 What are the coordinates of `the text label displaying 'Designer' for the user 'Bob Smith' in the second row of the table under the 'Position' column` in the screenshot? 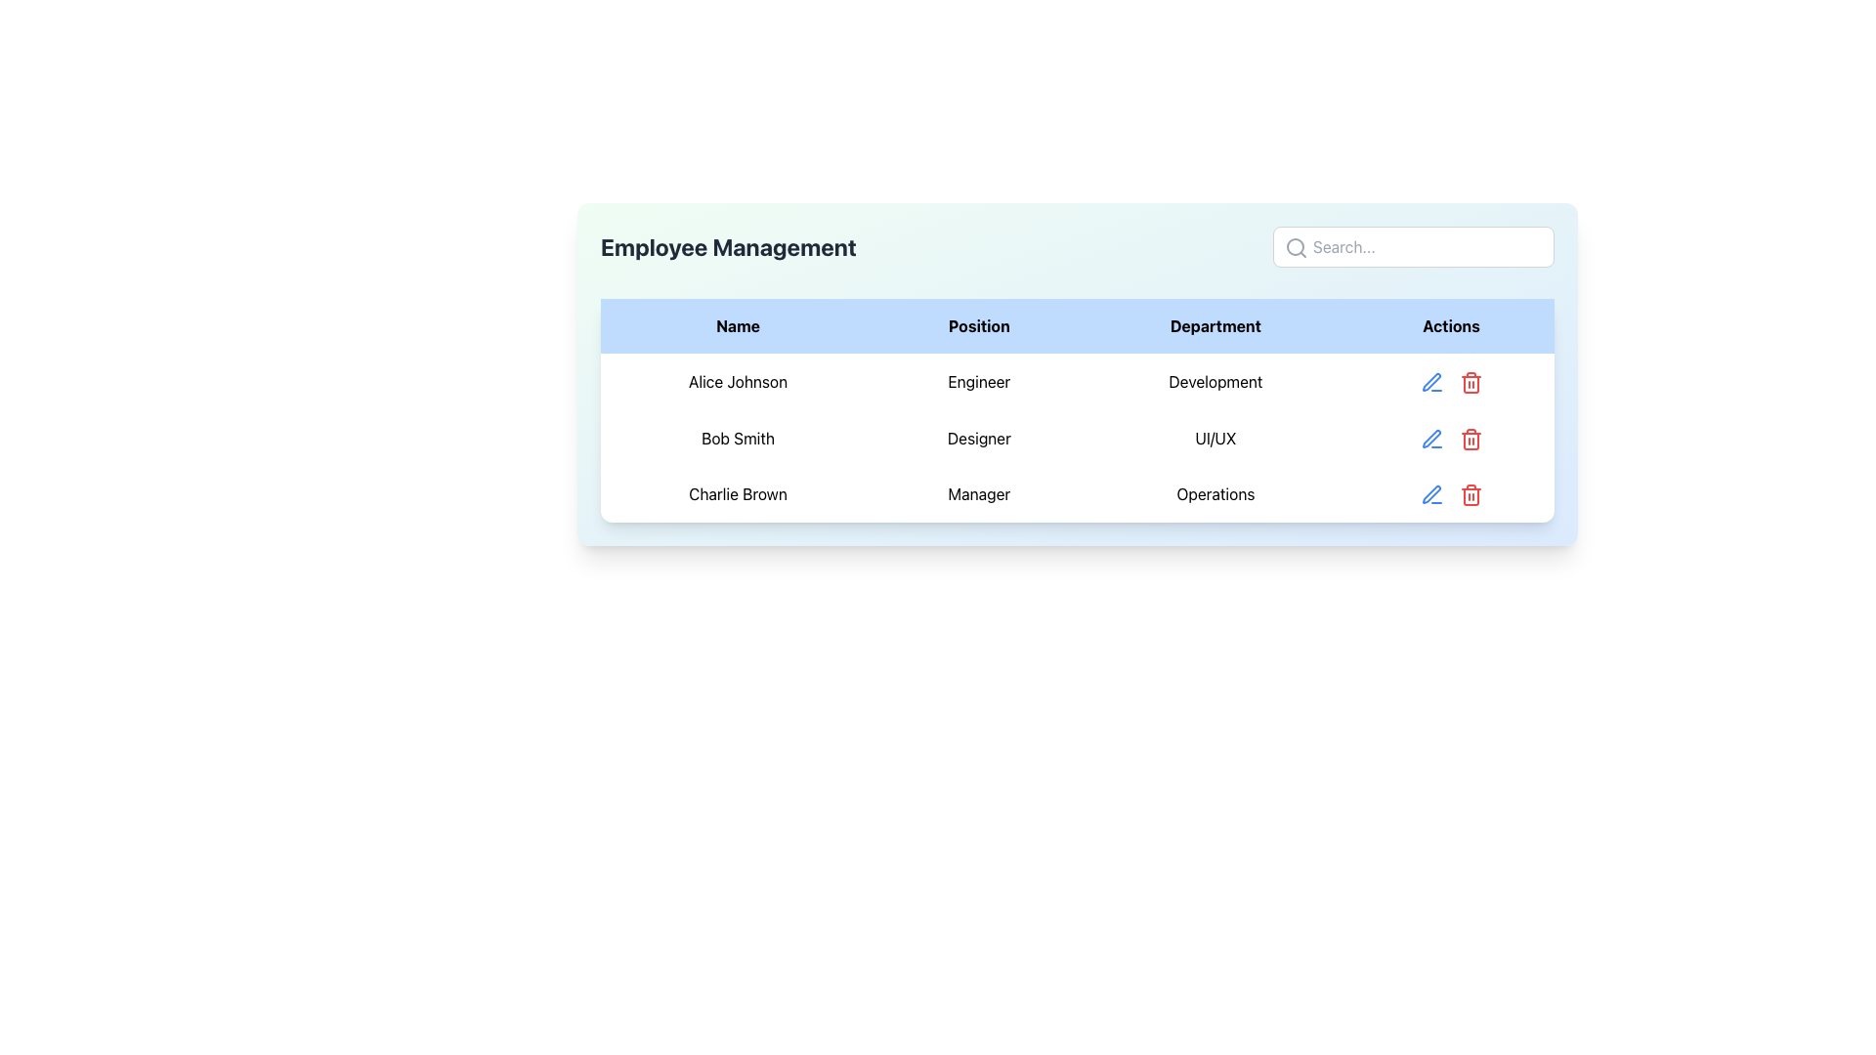 It's located at (979, 437).